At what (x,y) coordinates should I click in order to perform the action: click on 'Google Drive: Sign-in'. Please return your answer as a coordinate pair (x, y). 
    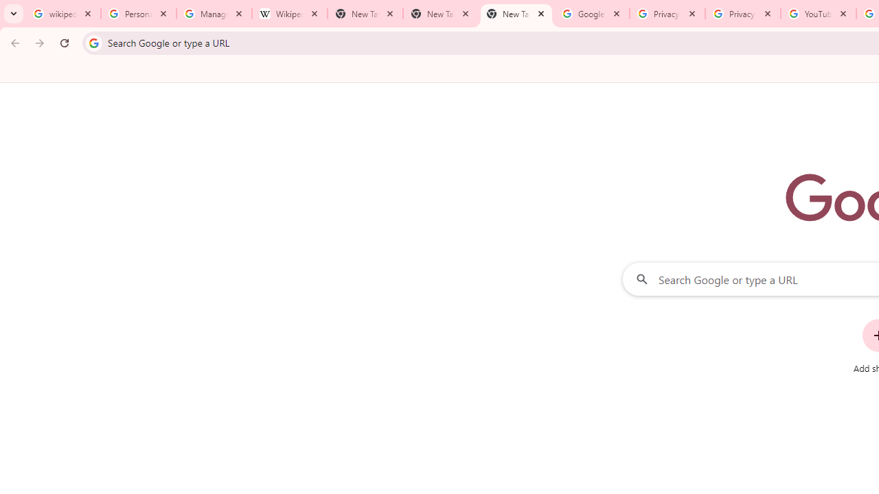
    Looking at the image, I should click on (591, 14).